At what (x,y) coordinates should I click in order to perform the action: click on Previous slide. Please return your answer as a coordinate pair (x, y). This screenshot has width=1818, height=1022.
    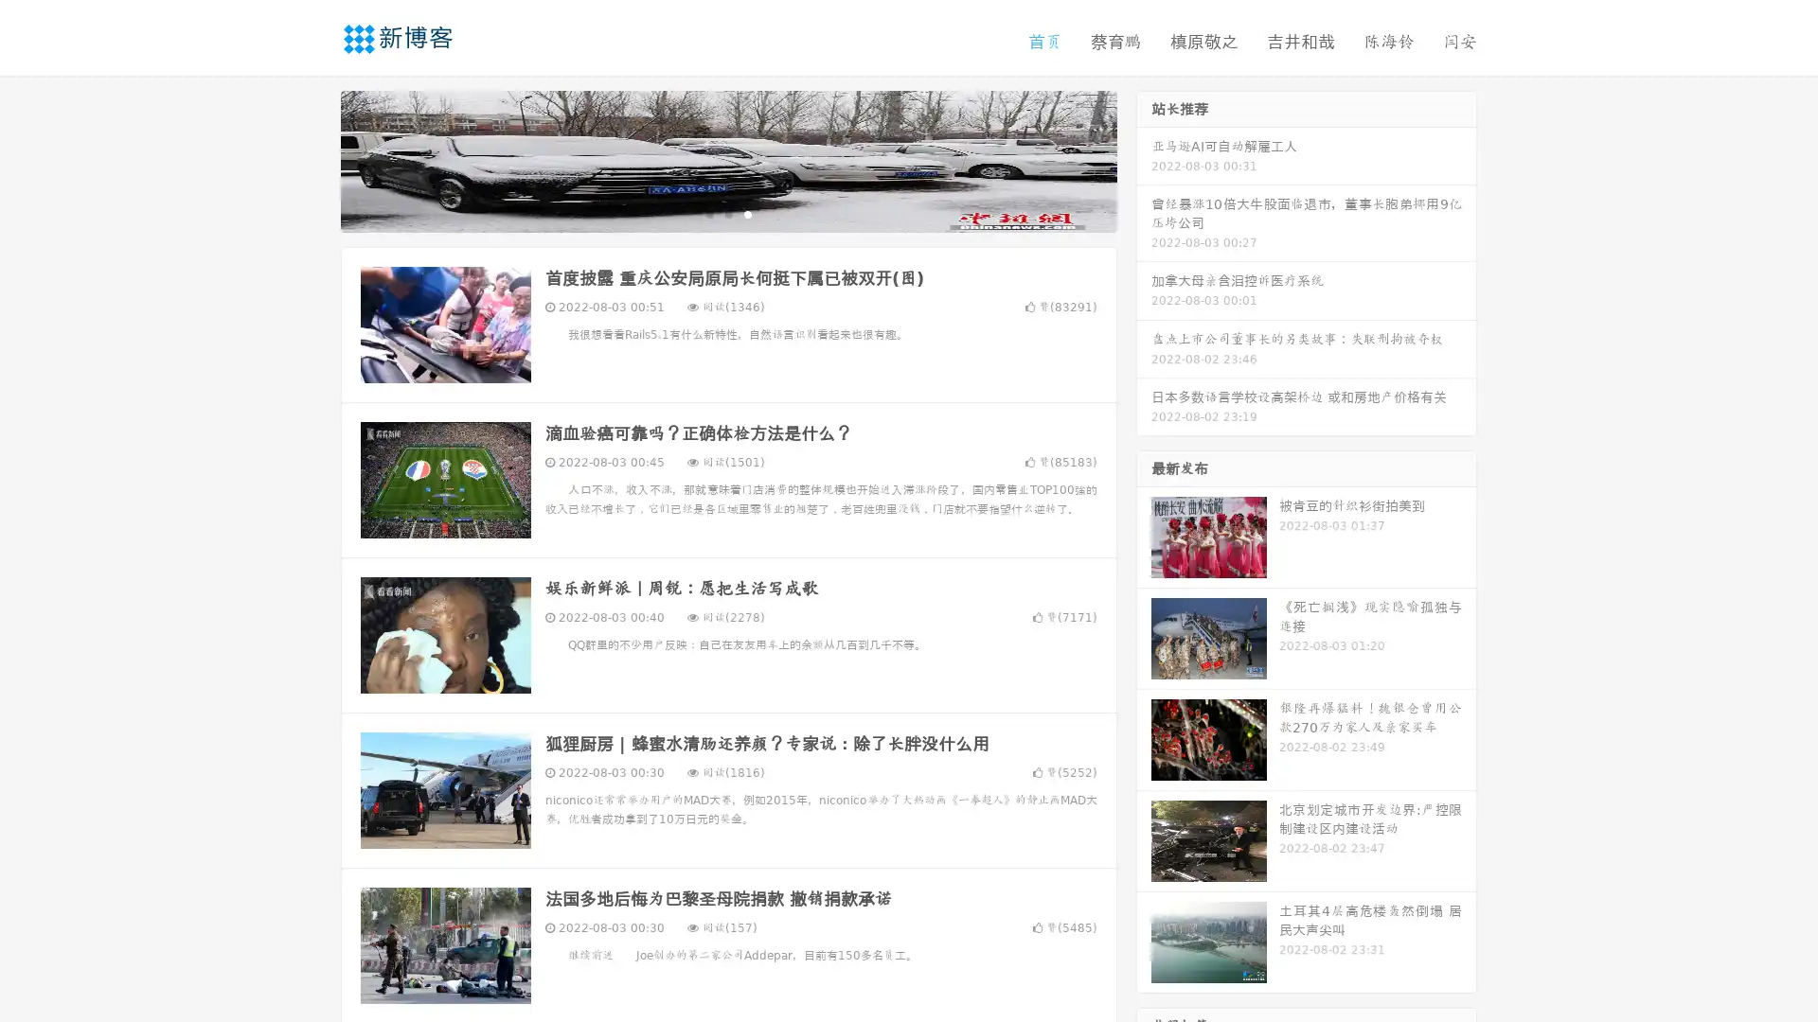
    Looking at the image, I should click on (312, 159).